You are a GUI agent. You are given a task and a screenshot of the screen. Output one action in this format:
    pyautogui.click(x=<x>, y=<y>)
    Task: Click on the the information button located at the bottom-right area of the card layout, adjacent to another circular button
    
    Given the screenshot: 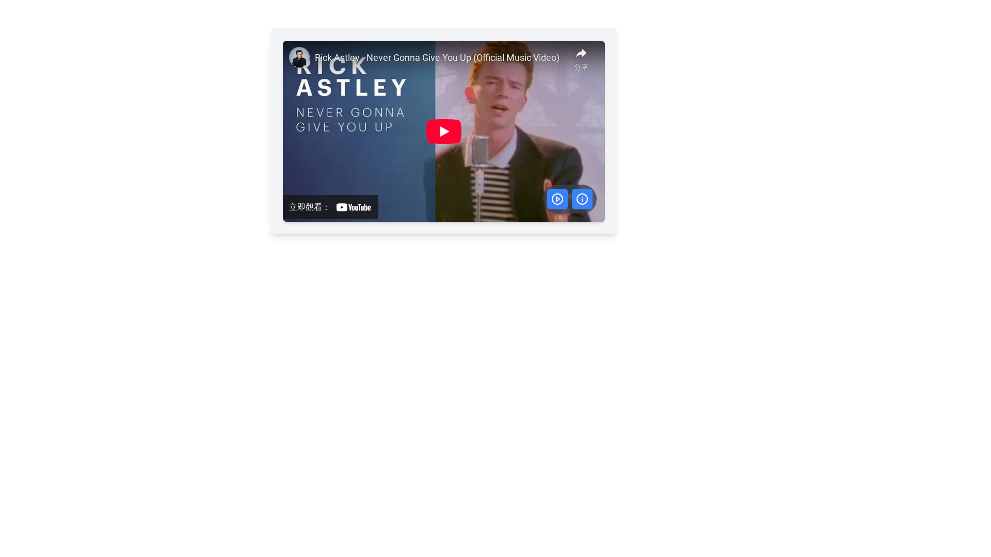 What is the action you would take?
    pyautogui.click(x=582, y=199)
    